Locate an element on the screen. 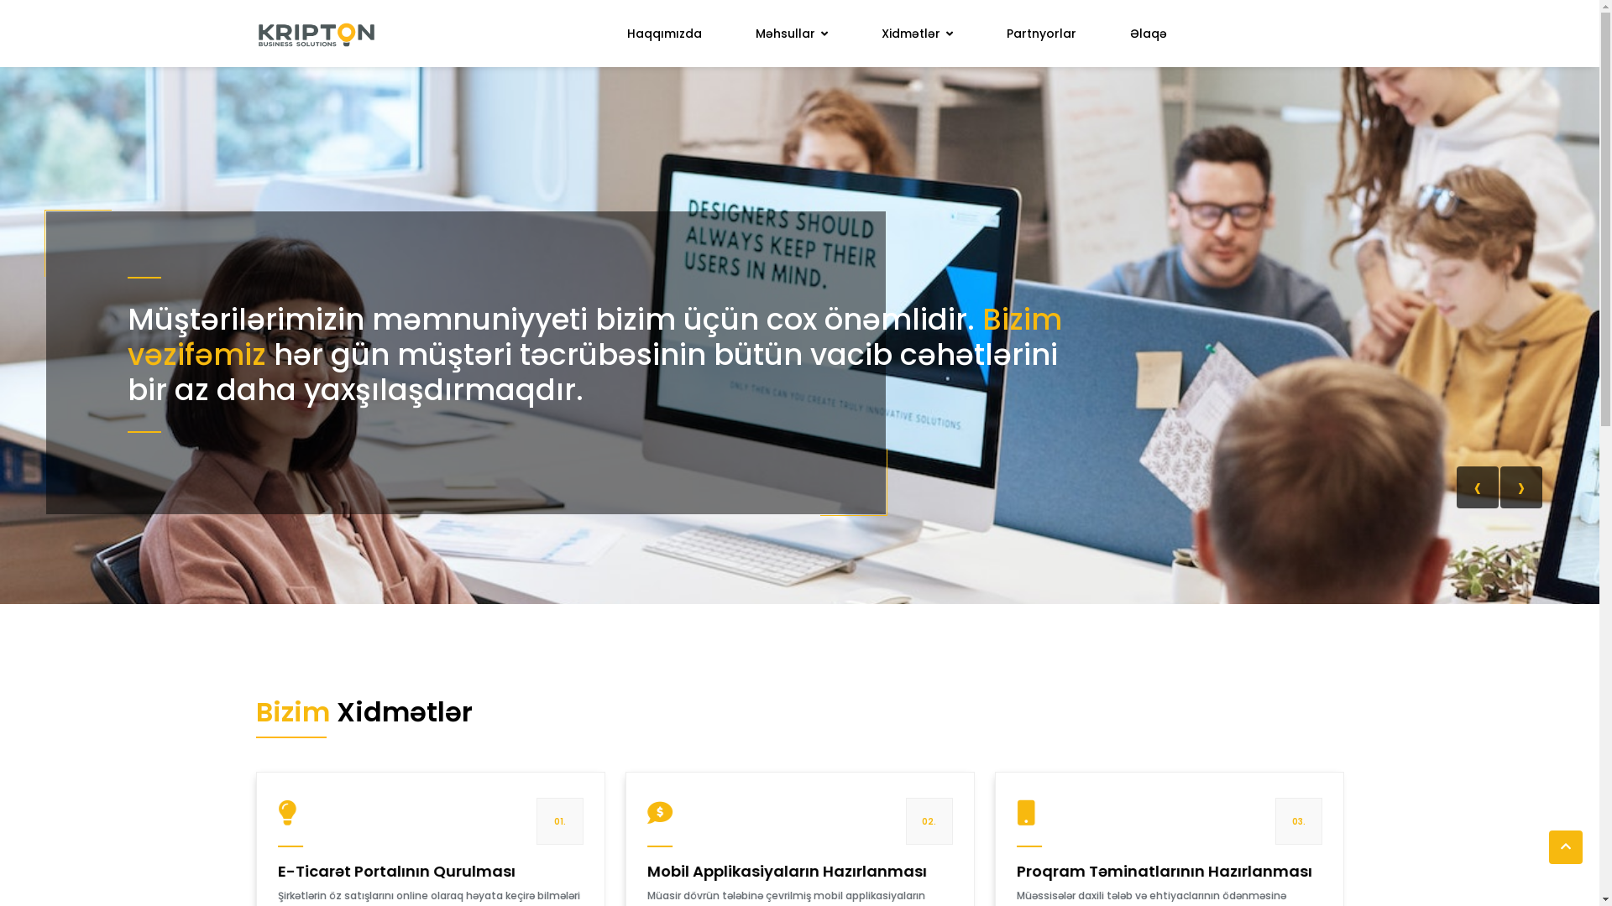 This screenshot has width=1612, height=906. 'Partnyorlar' is located at coordinates (1040, 33).